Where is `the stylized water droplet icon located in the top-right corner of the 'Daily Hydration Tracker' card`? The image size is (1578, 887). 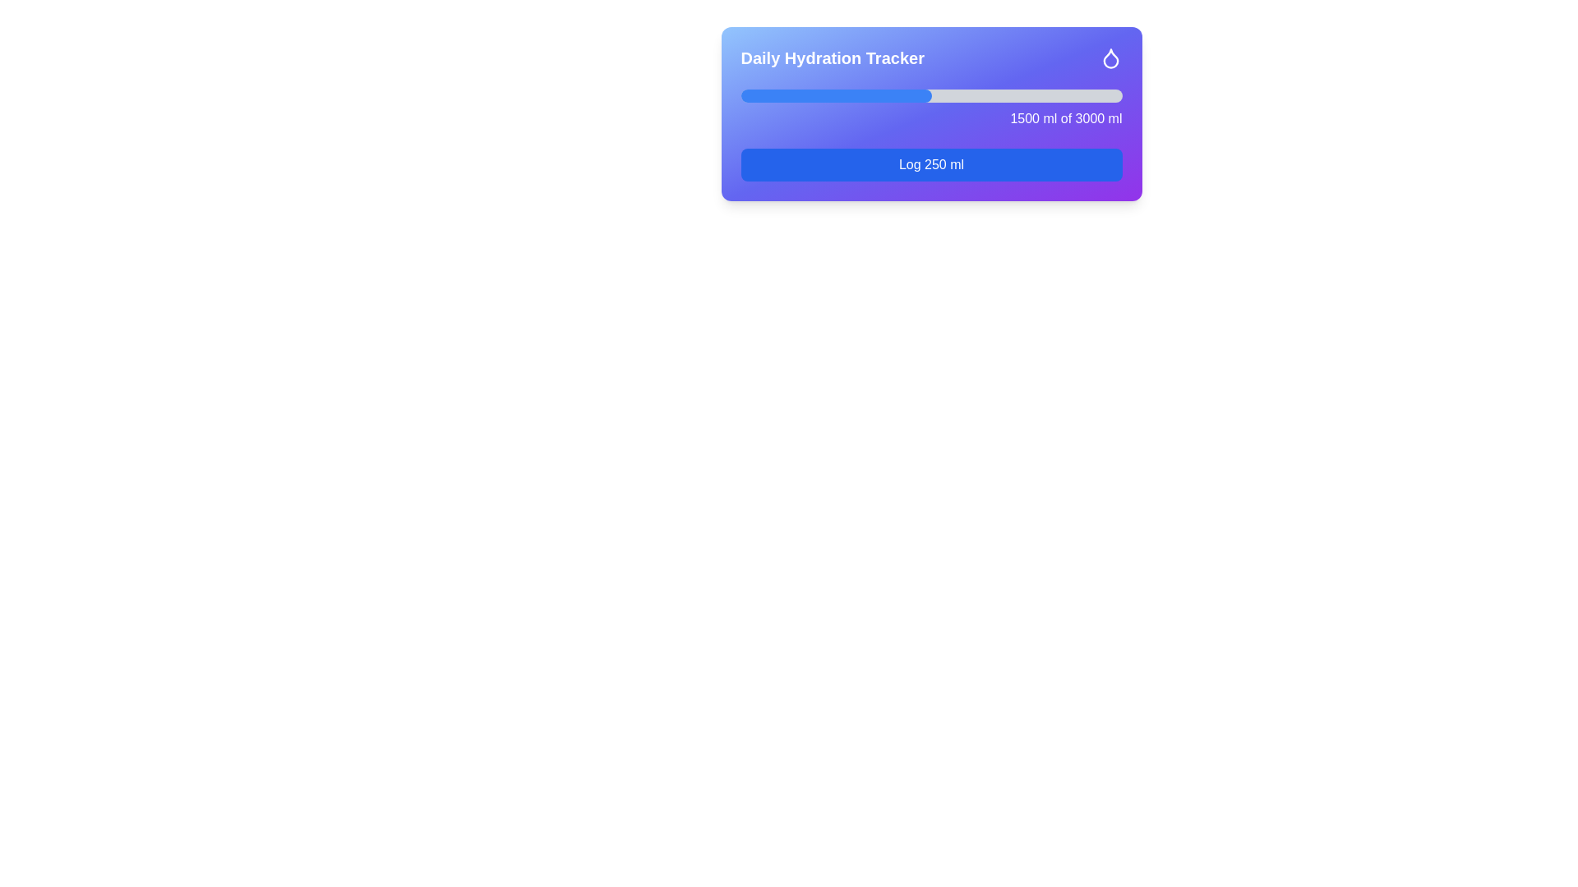 the stylized water droplet icon located in the top-right corner of the 'Daily Hydration Tracker' card is located at coordinates (1110, 57).